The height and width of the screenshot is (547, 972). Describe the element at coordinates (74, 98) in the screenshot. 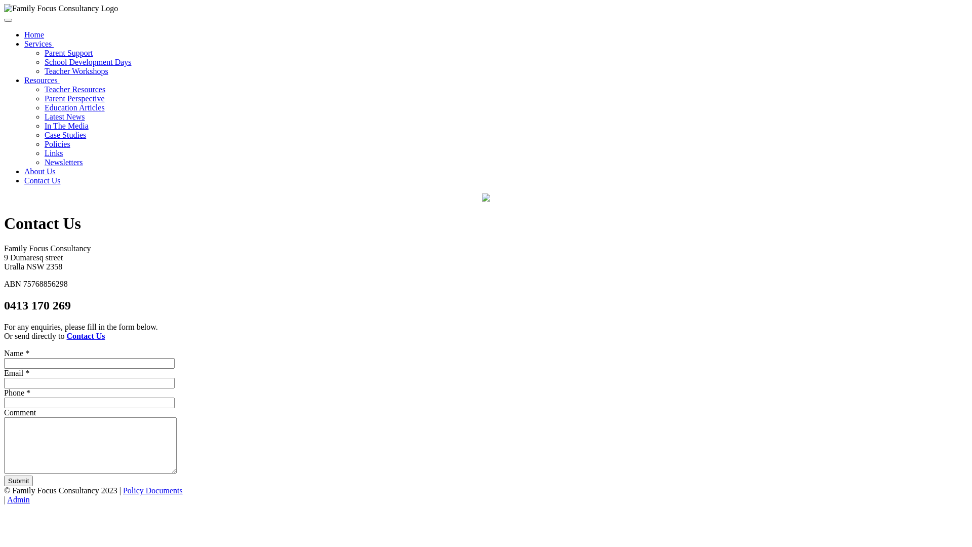

I see `'Parent Perspective'` at that location.